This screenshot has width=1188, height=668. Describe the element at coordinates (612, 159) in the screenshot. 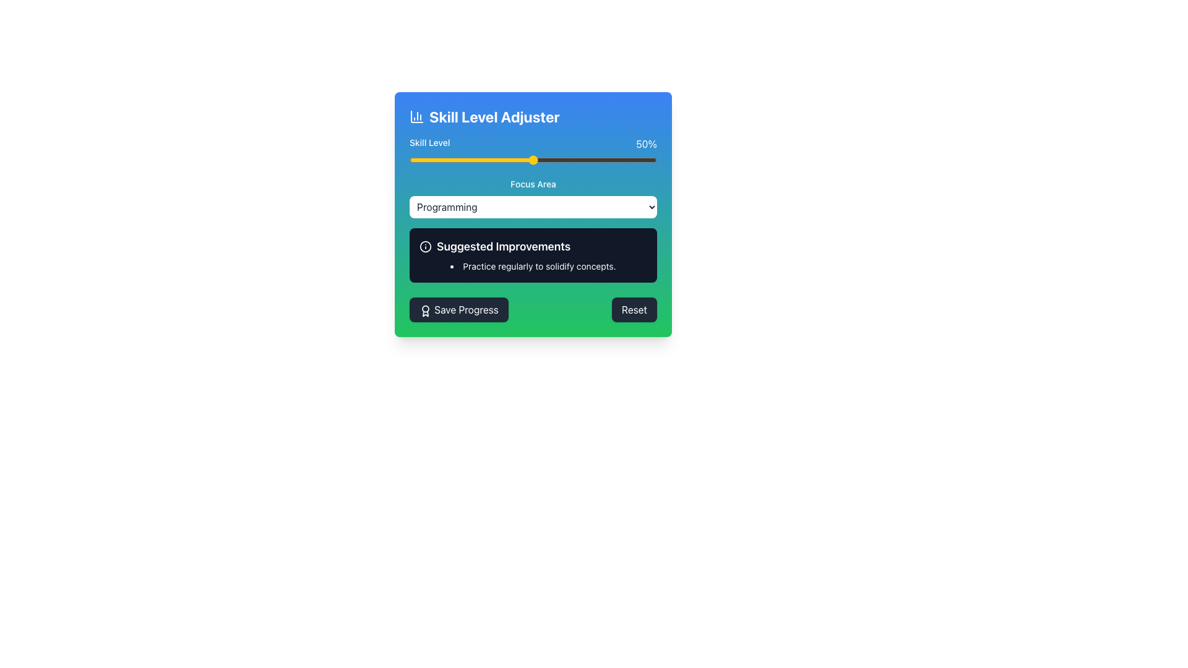

I see `the skill level` at that location.